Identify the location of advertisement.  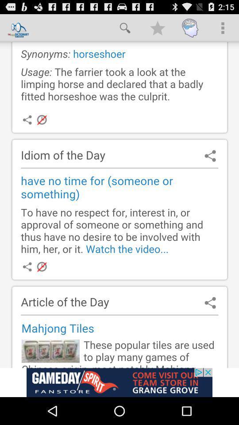
(119, 205).